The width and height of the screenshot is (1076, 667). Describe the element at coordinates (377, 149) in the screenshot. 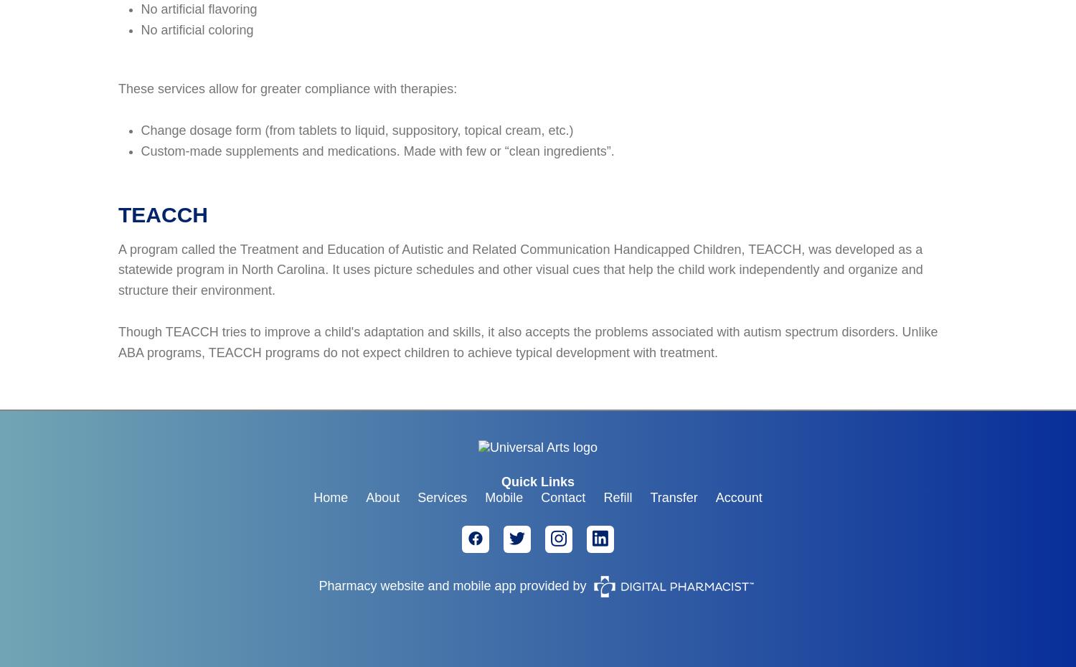

I see `'Custom-made supplements and medications. Made with few or “clean ingredients”.'` at that location.